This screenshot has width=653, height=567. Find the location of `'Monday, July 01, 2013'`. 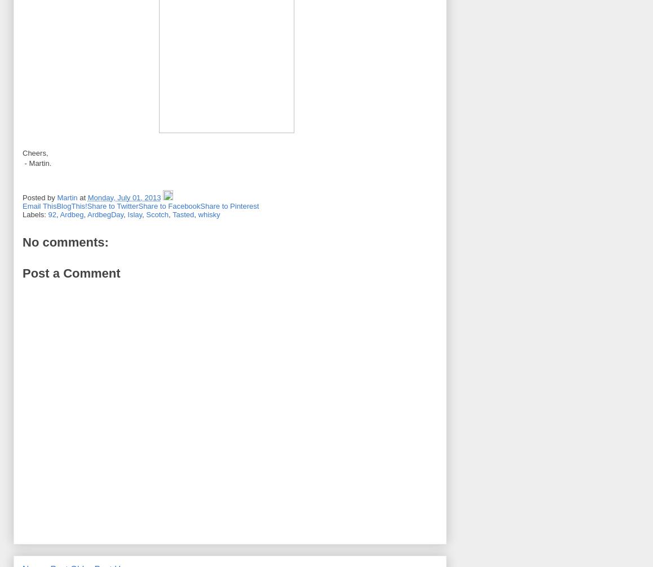

'Monday, July 01, 2013' is located at coordinates (124, 197).